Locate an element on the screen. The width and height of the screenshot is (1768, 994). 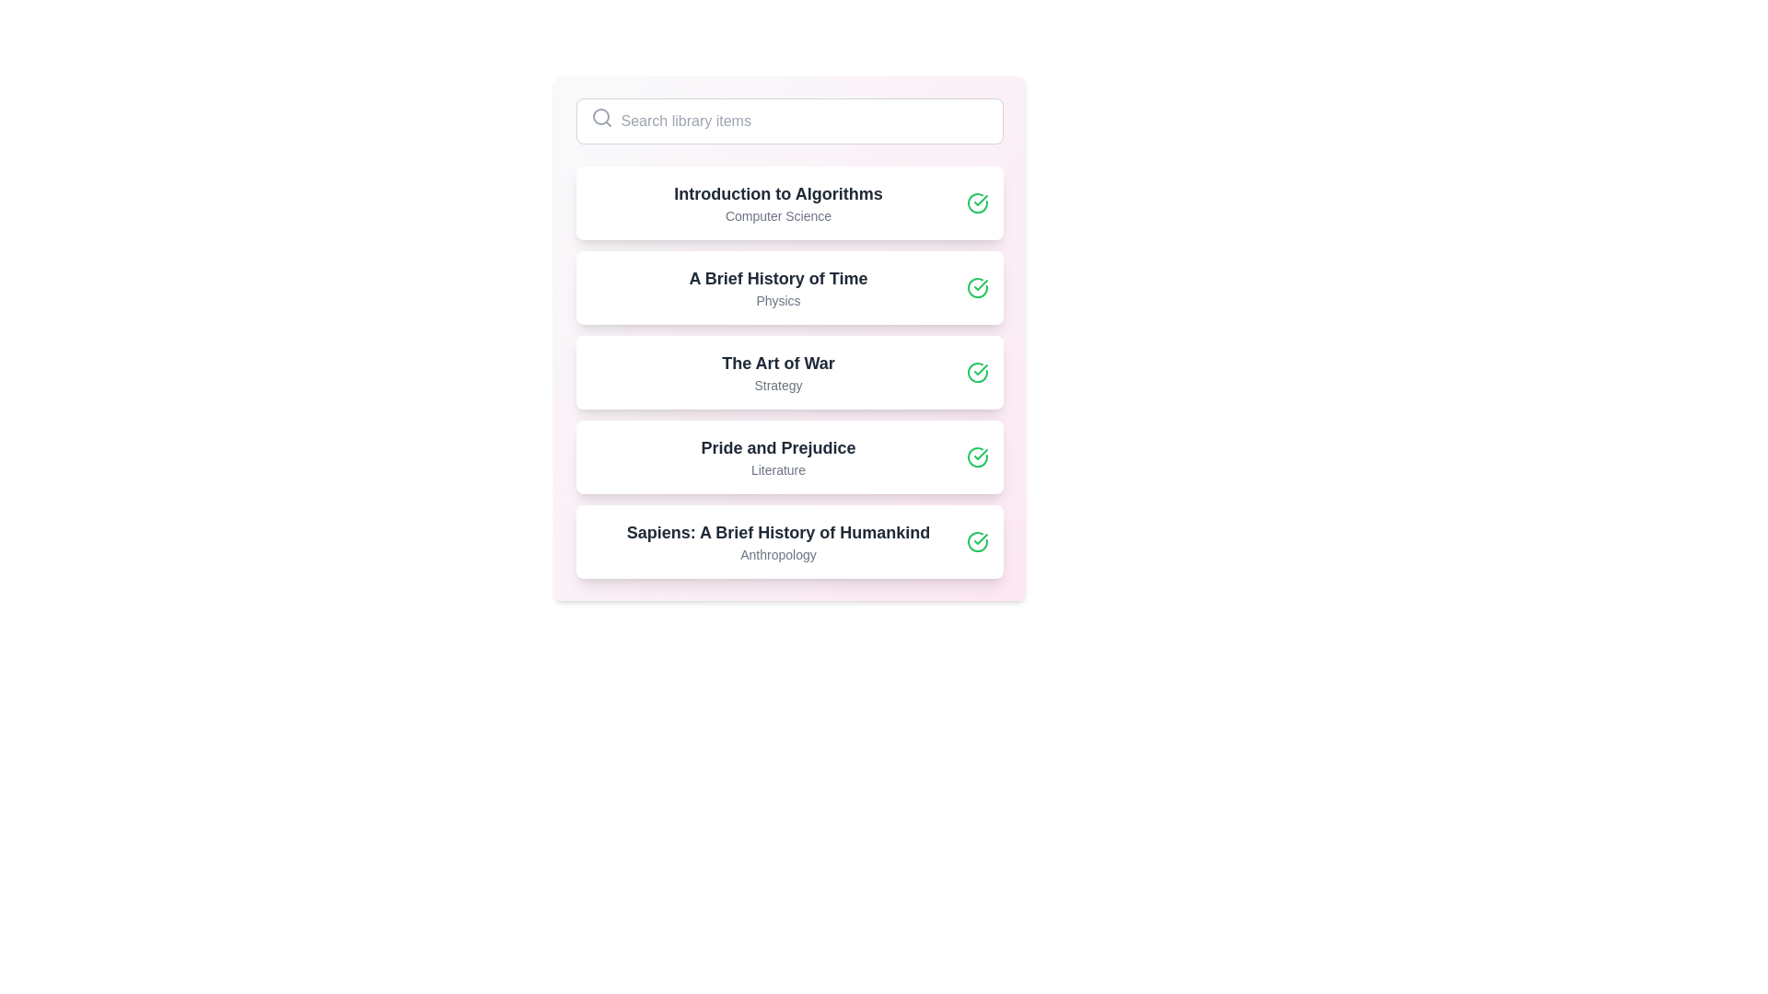
the green circular icon with a checkmark, located to the right of the title 'A Brief History of Time' is located at coordinates (976, 287).